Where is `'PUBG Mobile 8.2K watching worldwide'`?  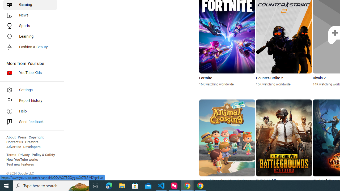 'PUBG Mobile 8.2K watching worldwide' is located at coordinates (283, 145).